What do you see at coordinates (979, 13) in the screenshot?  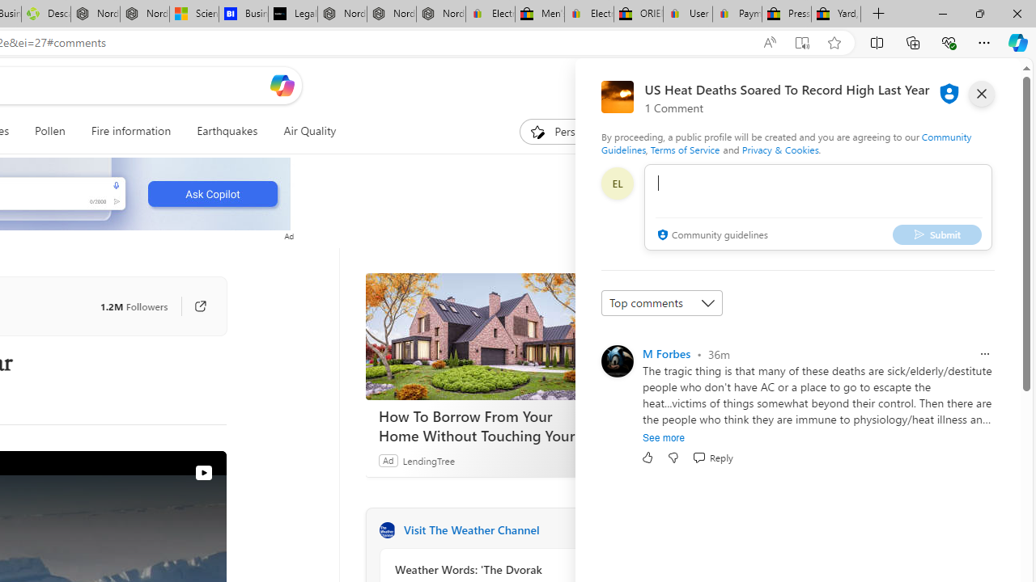 I see `'Restore'` at bounding box center [979, 13].